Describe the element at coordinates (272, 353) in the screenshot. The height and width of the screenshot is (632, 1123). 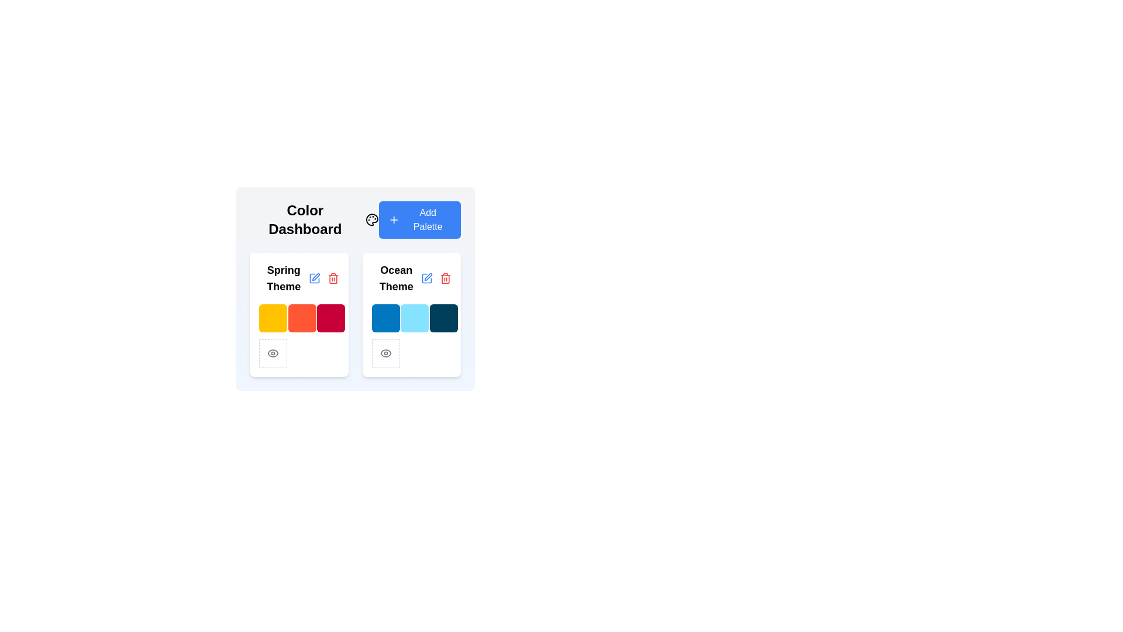
I see `the square button with dashed borders and a light gray color containing a gray eye icon` at that location.